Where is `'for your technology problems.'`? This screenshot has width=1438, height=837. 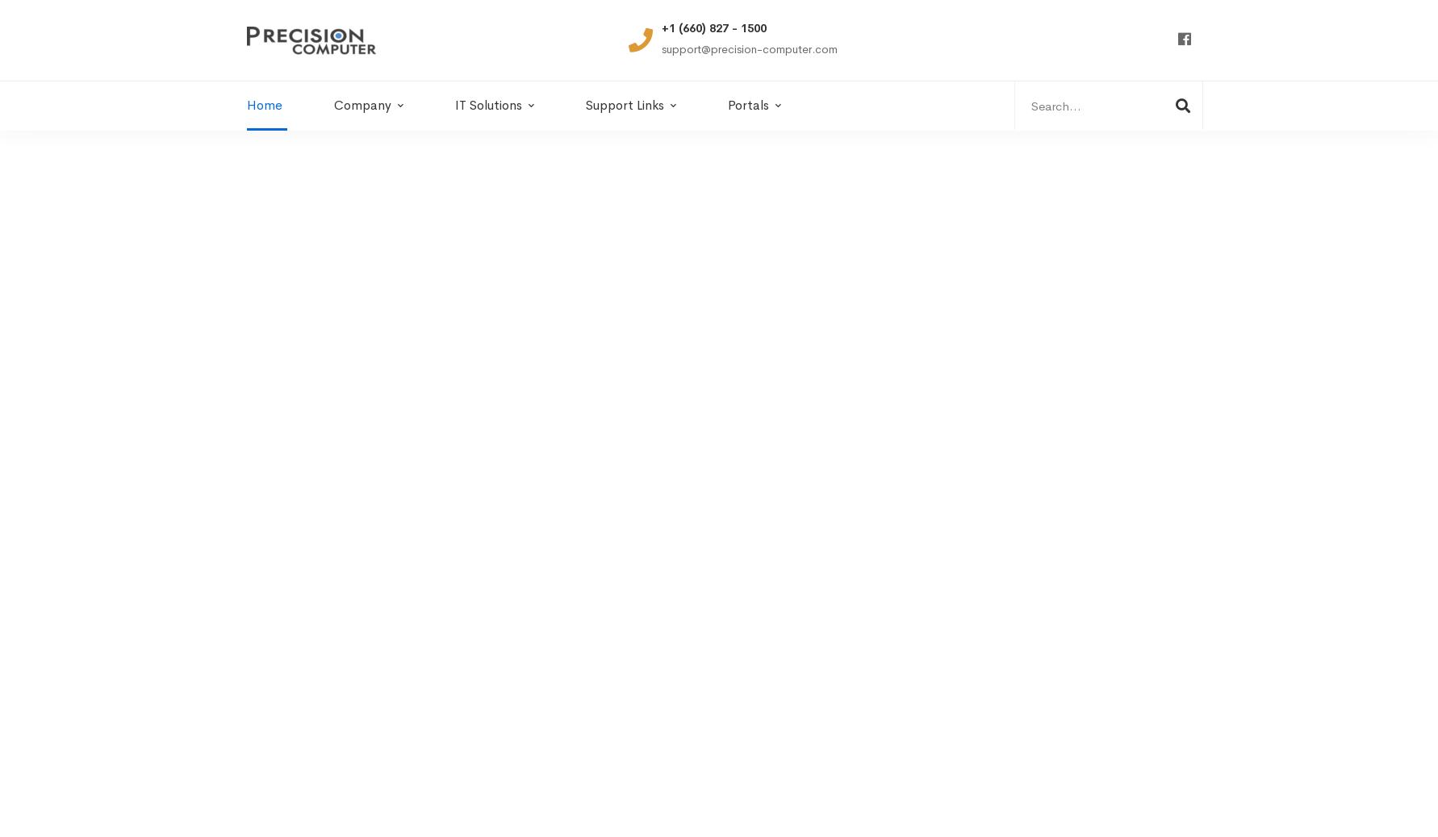
'for your technology problems.' is located at coordinates (592, 677).